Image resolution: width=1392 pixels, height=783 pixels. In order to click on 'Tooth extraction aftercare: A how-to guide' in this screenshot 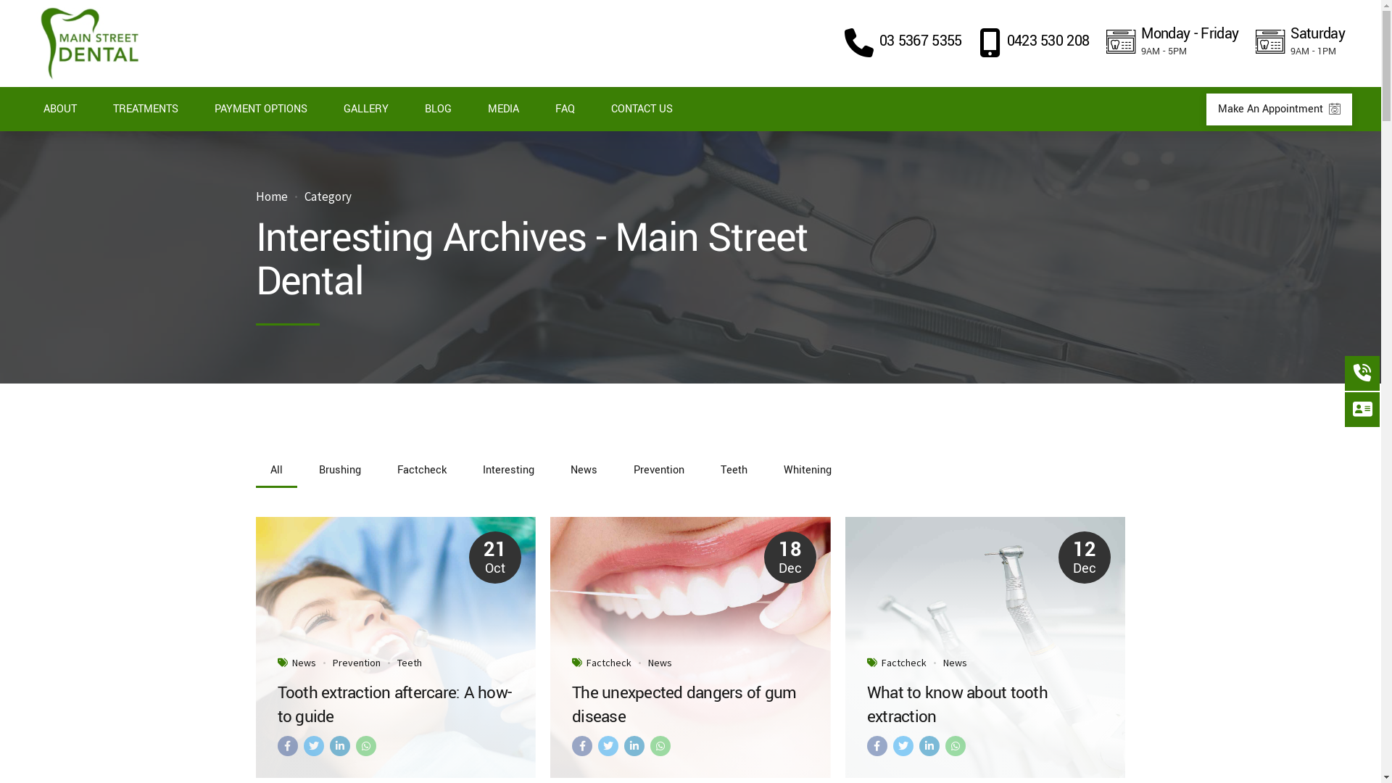, I will do `click(395, 704)`.